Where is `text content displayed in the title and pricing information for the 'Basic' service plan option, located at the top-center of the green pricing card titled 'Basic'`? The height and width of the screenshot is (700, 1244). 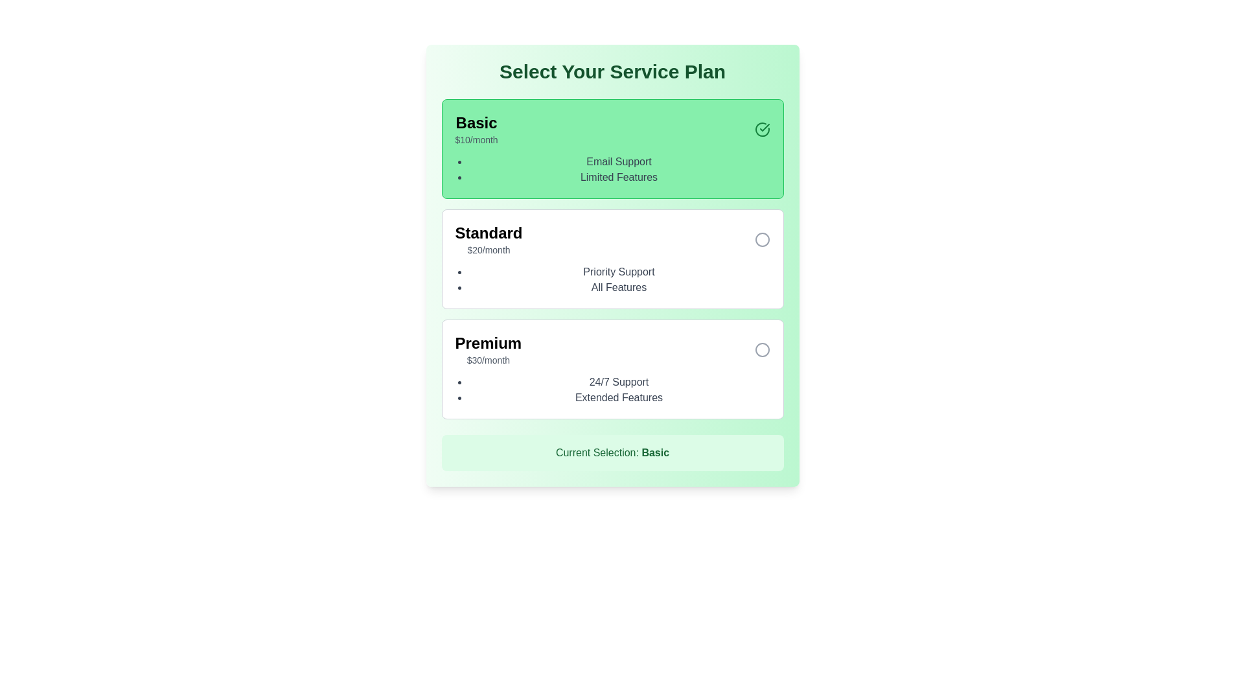 text content displayed in the title and pricing information for the 'Basic' service plan option, located at the top-center of the green pricing card titled 'Basic' is located at coordinates (476, 130).